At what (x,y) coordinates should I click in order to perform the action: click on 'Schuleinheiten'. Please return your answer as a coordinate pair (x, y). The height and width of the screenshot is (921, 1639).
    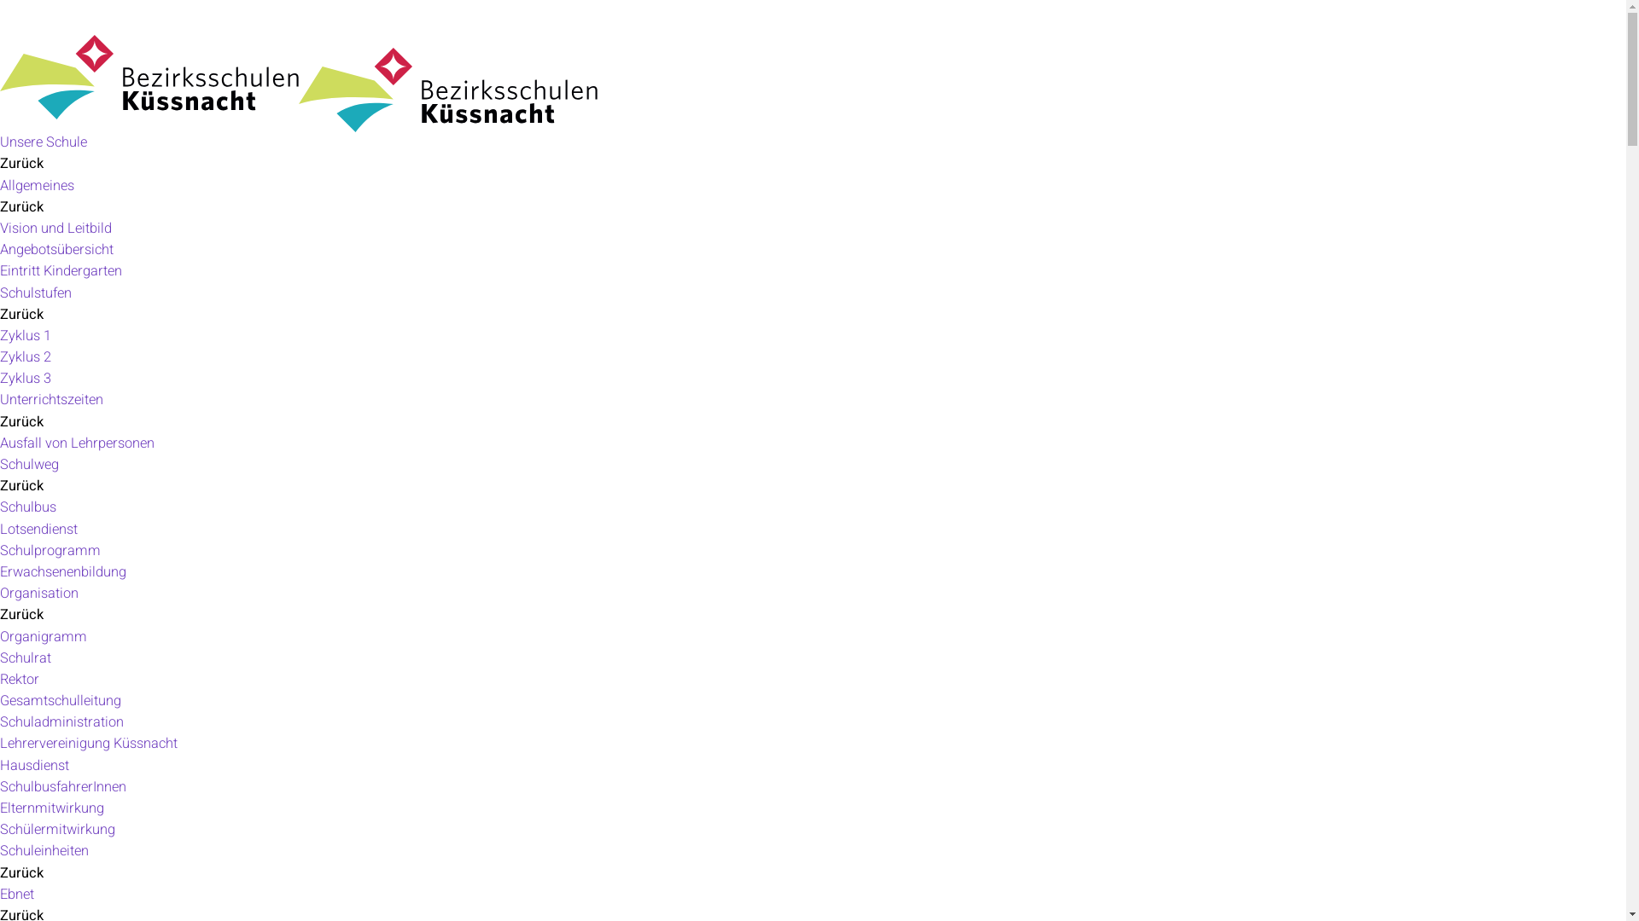
    Looking at the image, I should click on (44, 851).